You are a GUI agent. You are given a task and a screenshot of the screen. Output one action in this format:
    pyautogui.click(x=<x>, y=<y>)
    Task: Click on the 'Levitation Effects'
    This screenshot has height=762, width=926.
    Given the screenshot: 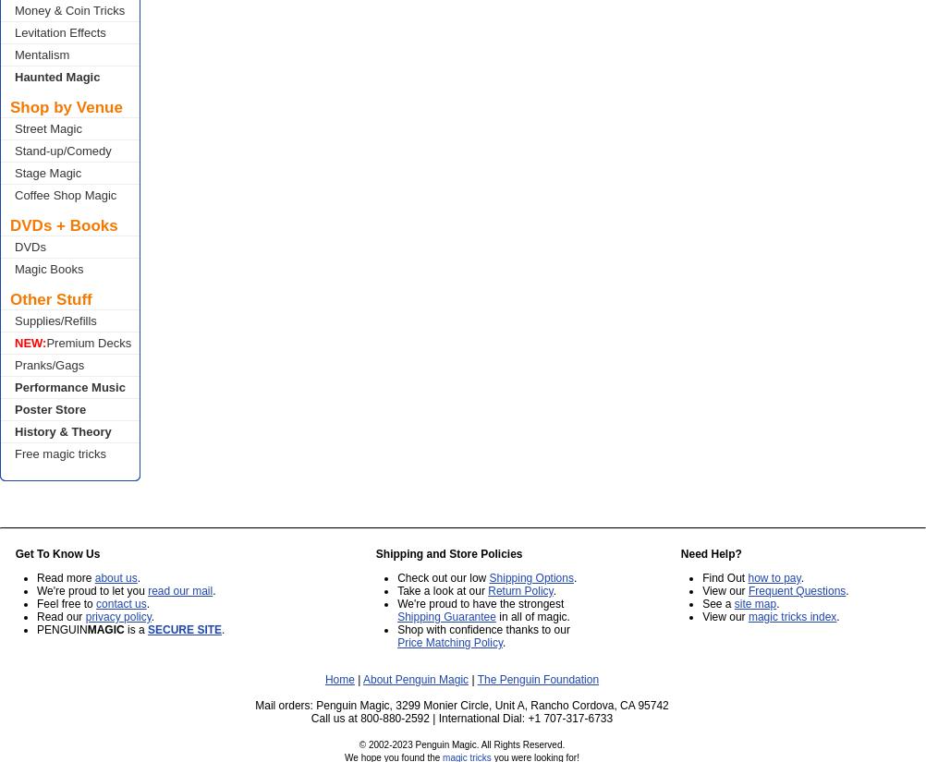 What is the action you would take?
    pyautogui.click(x=60, y=32)
    